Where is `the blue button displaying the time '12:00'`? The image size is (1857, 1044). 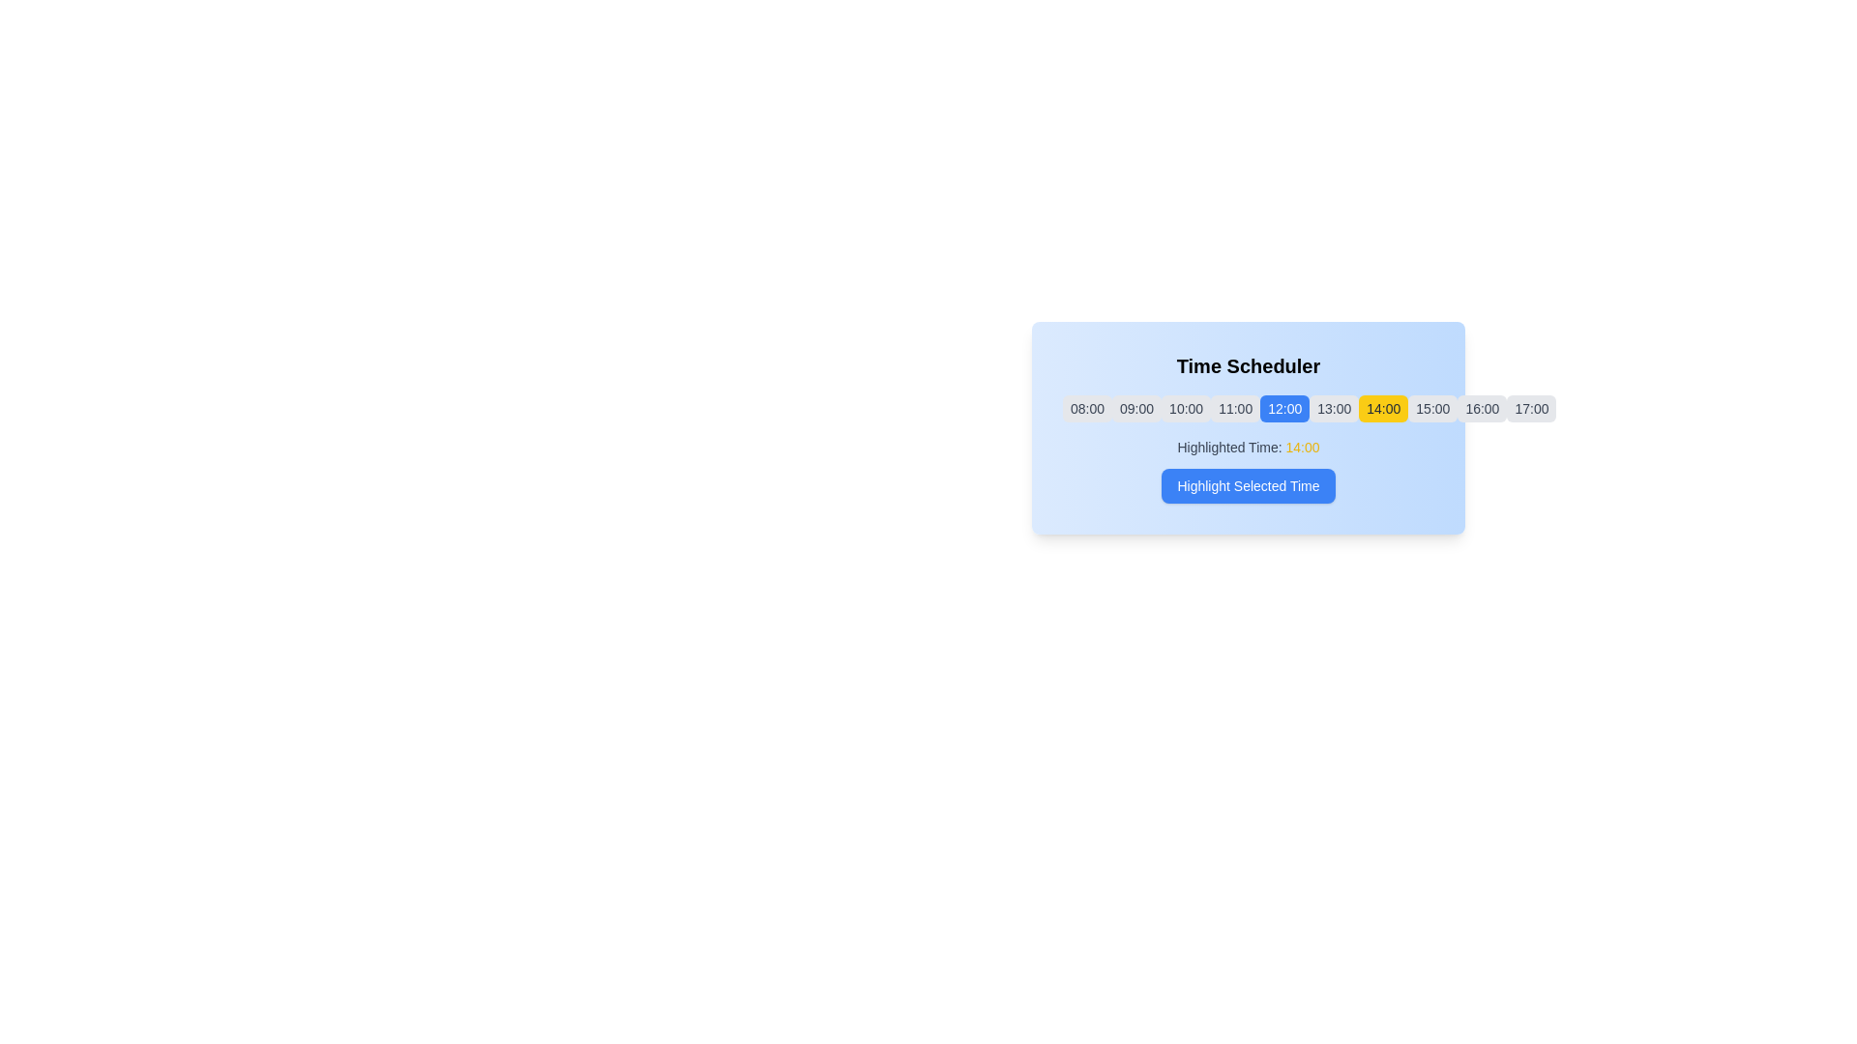
the blue button displaying the time '12:00' is located at coordinates (1284, 408).